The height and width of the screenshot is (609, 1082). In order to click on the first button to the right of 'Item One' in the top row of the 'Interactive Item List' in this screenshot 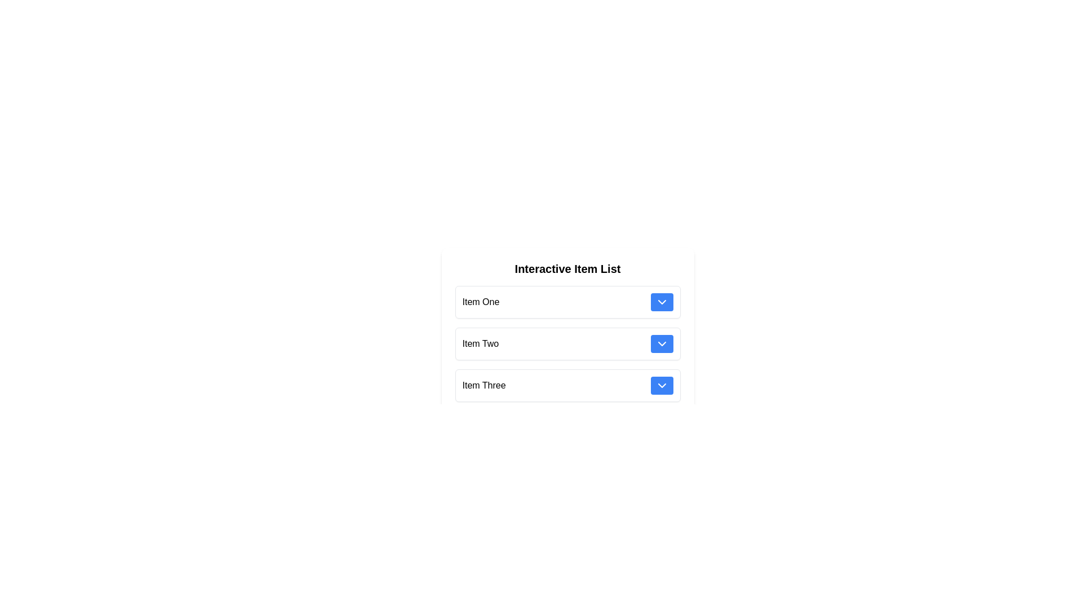, I will do `click(662, 302)`.